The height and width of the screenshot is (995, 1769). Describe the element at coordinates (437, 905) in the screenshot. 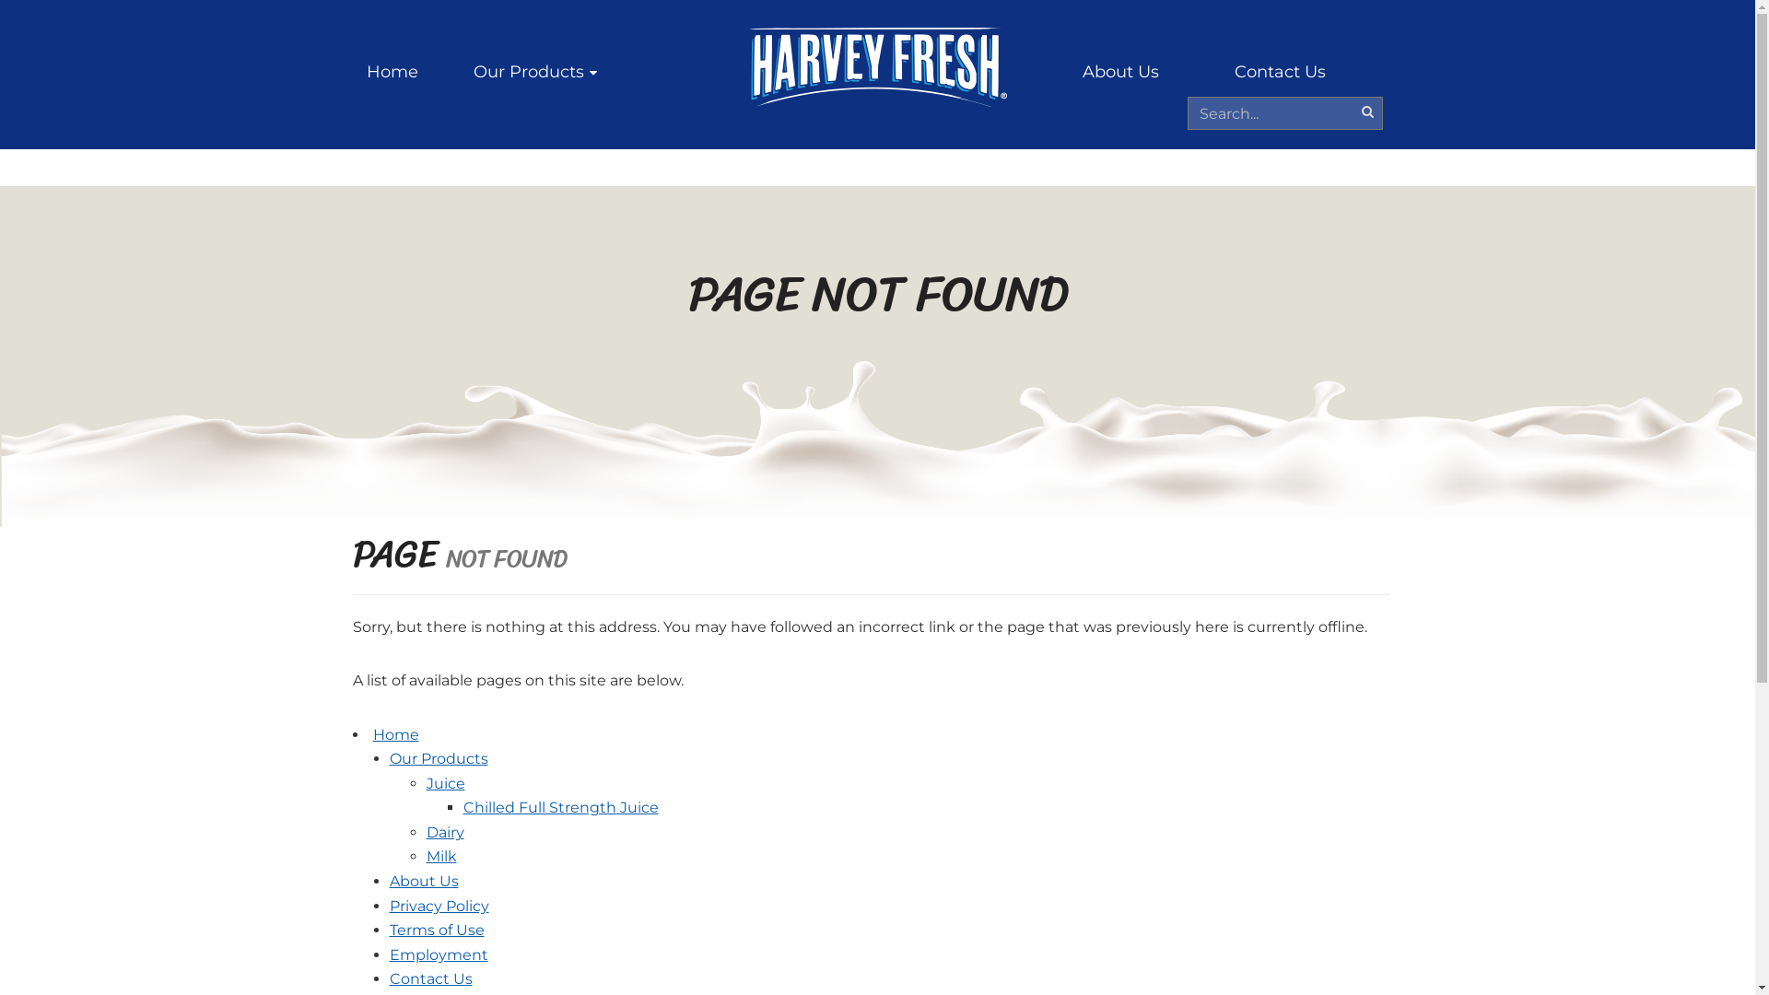

I see `'Privacy Policy'` at that location.